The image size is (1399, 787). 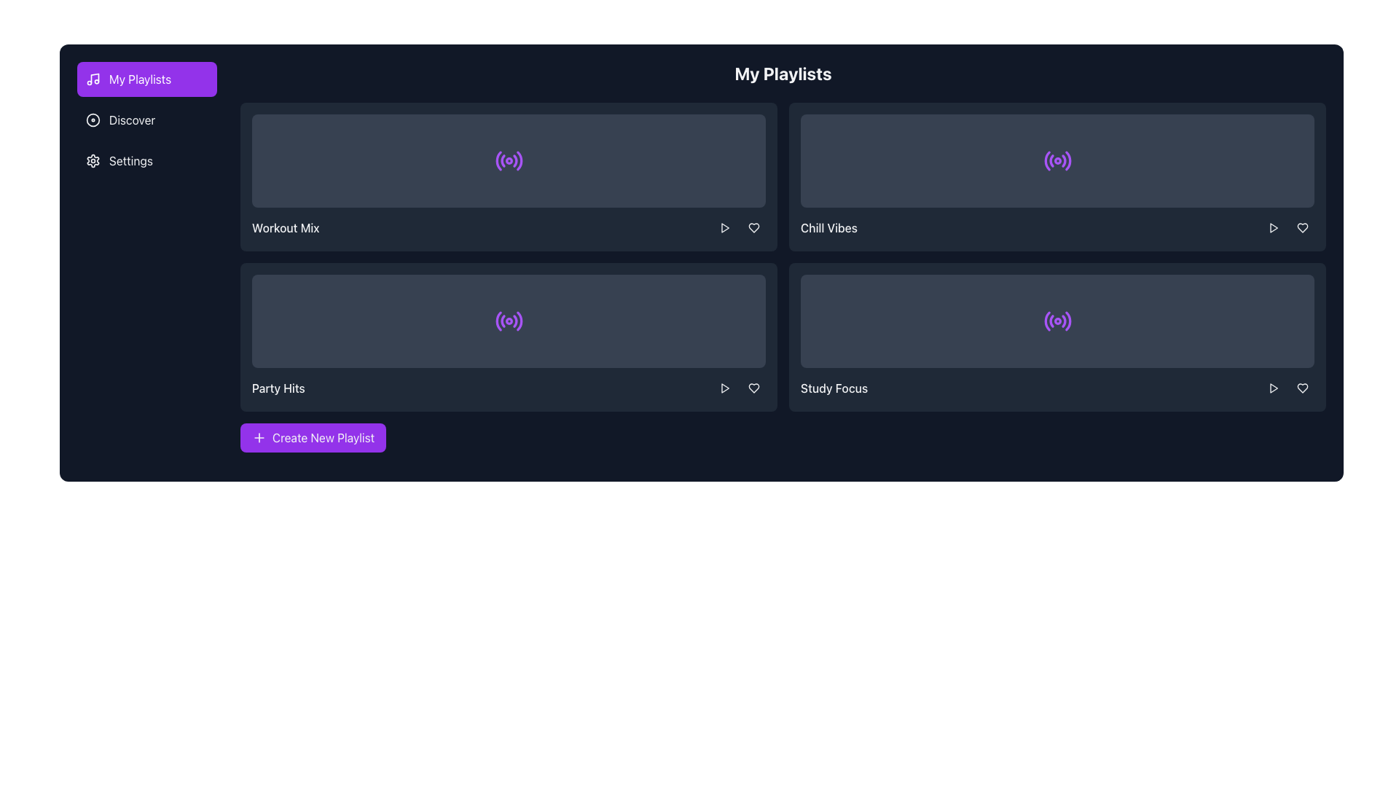 I want to click on the play control button with an icon located in the top-right region of the 'Chill Vibes' playlist tile, so click(x=1272, y=227).